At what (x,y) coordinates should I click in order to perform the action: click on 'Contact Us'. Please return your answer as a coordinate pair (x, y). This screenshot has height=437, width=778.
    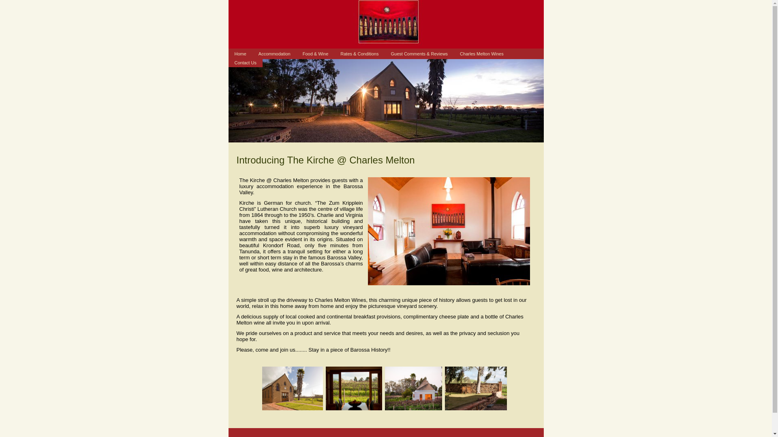
    Looking at the image, I should click on (245, 62).